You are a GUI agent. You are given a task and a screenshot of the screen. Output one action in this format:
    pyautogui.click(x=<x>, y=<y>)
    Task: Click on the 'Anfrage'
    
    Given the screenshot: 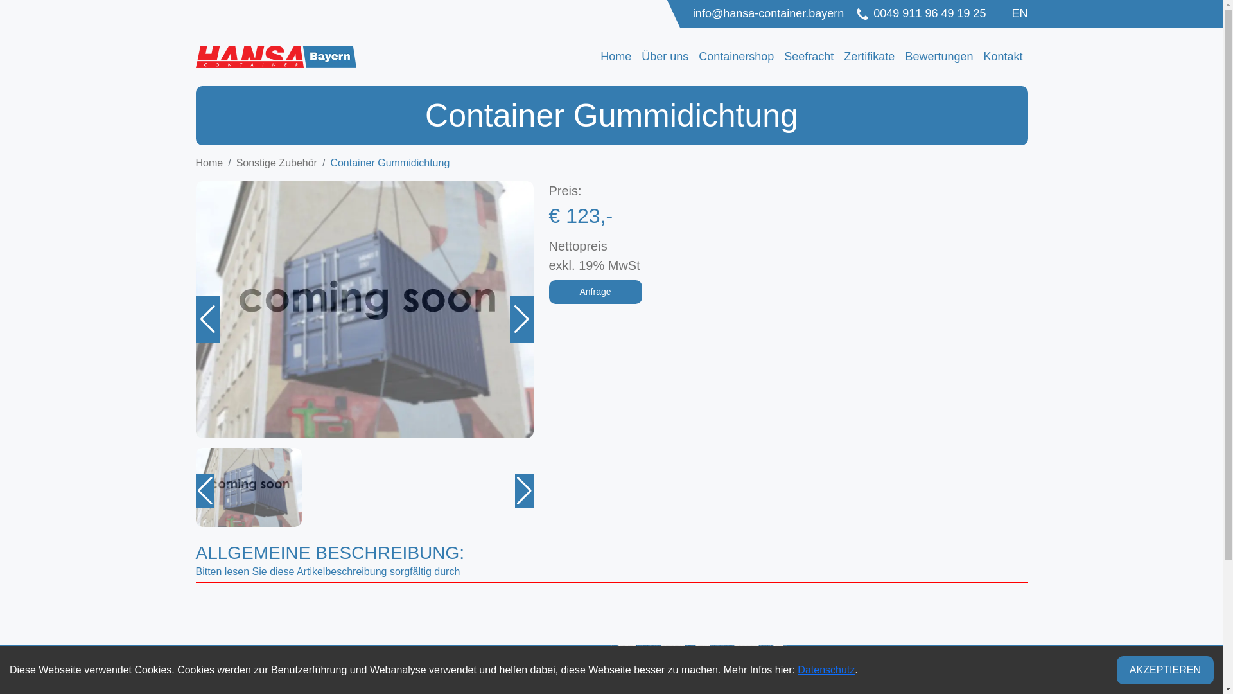 What is the action you would take?
    pyautogui.click(x=548, y=292)
    